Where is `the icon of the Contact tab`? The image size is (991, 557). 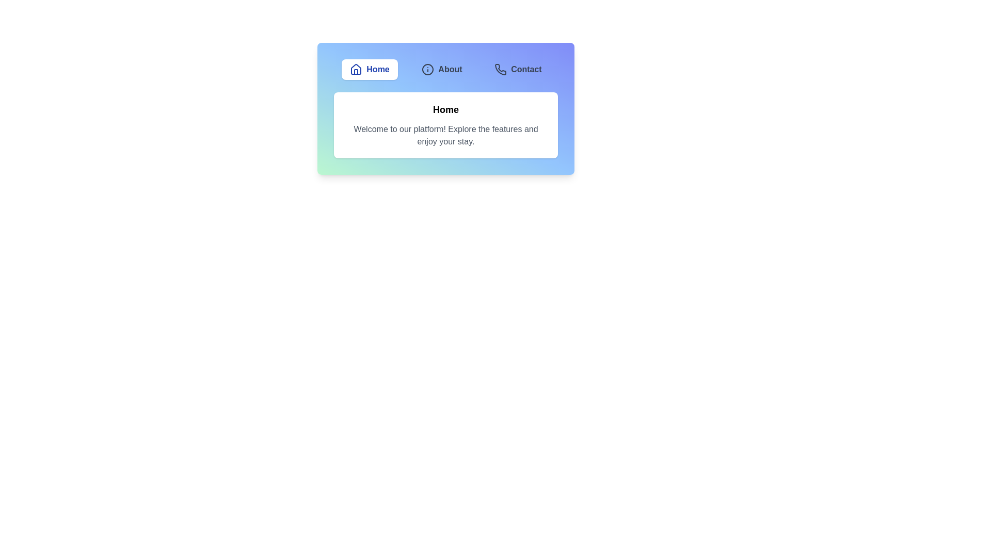
the icon of the Contact tab is located at coordinates (501, 70).